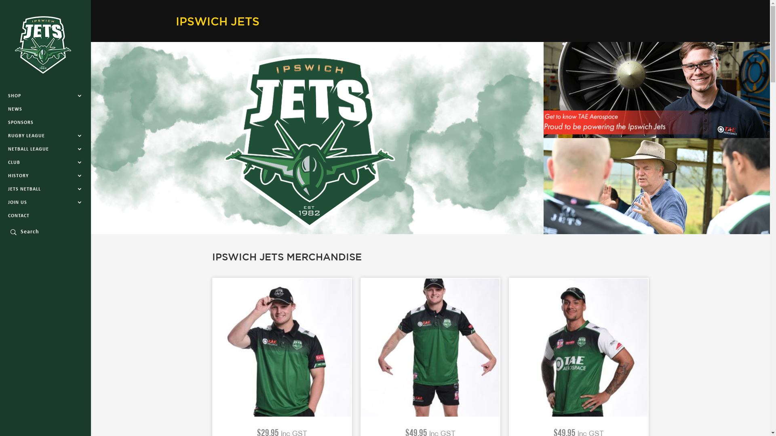 The height and width of the screenshot is (436, 776). What do you see at coordinates (45, 189) in the screenshot?
I see `'JETS NETBALL'` at bounding box center [45, 189].